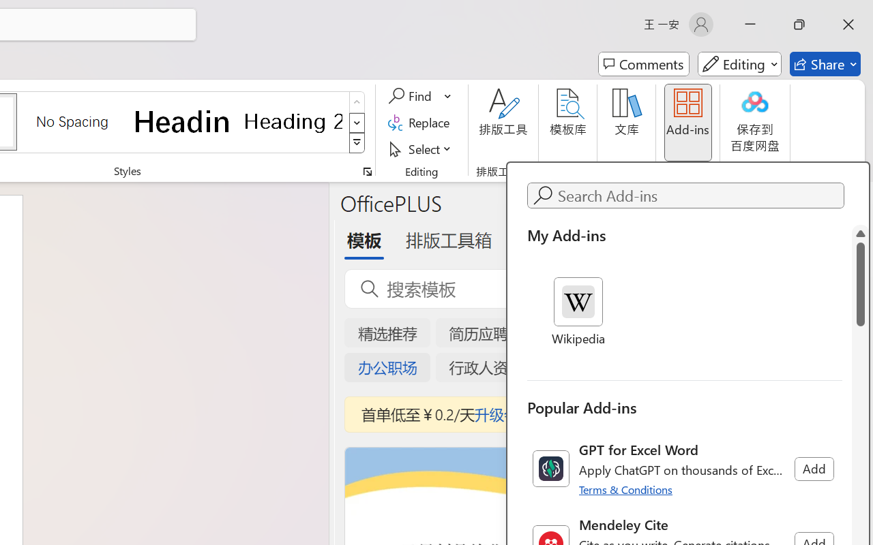  Describe the element at coordinates (860, 233) in the screenshot. I see `'Line up'` at that location.